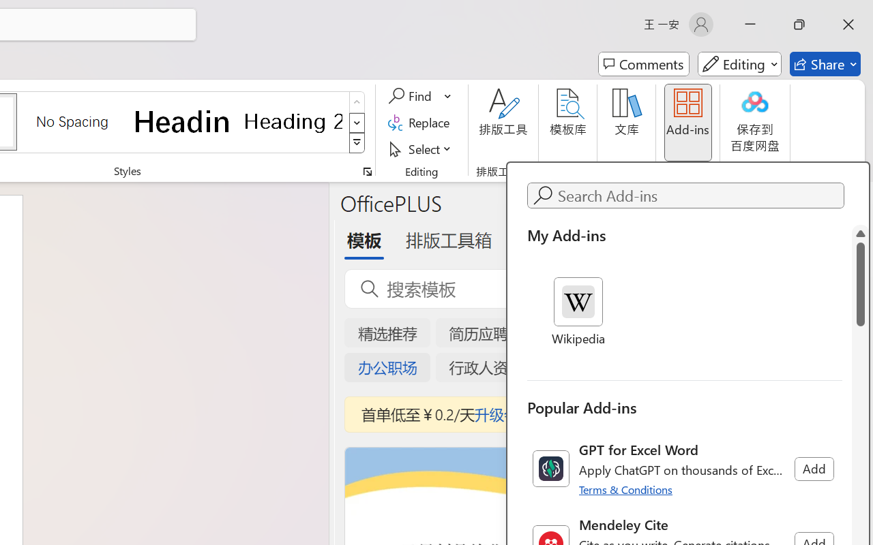  Describe the element at coordinates (860, 233) in the screenshot. I see `'Line up'` at that location.